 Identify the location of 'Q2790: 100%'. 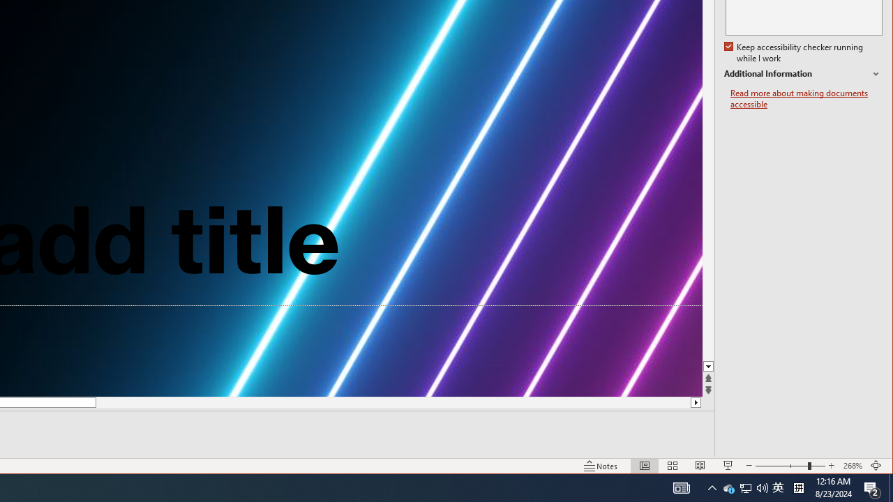
(728, 487).